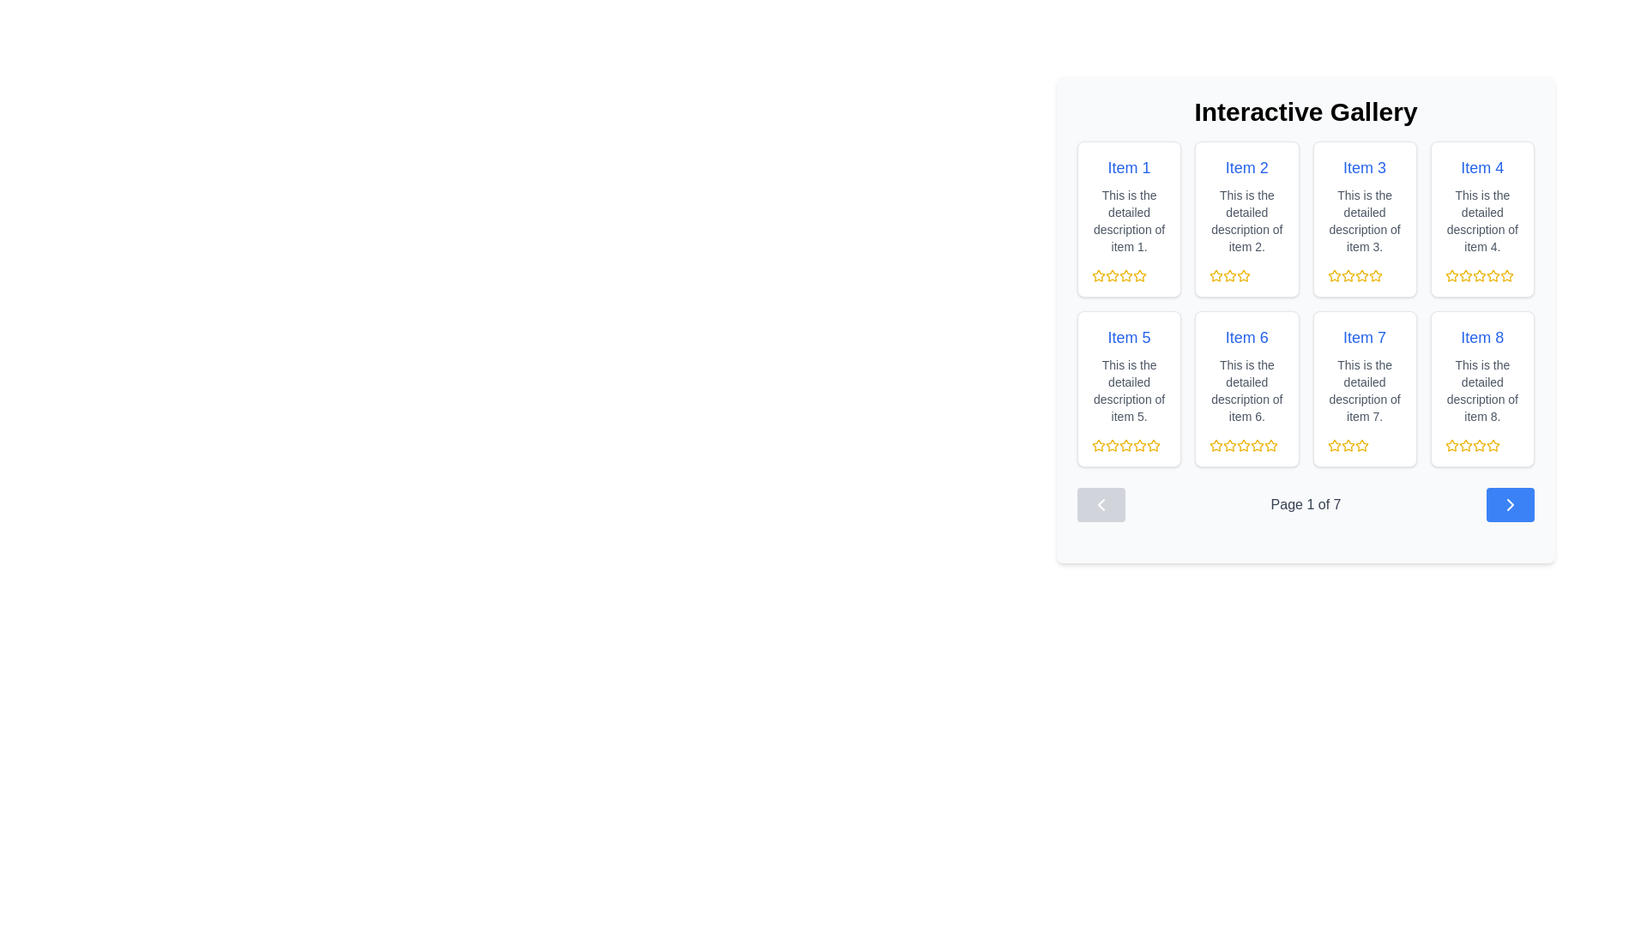 The height and width of the screenshot is (926, 1647). Describe the element at coordinates (1129, 390) in the screenshot. I see `the textual component styled with gray color and small font size that contains the description 'This is the detailed description of item 5.' located in the second row, first column of the grid layout` at that location.